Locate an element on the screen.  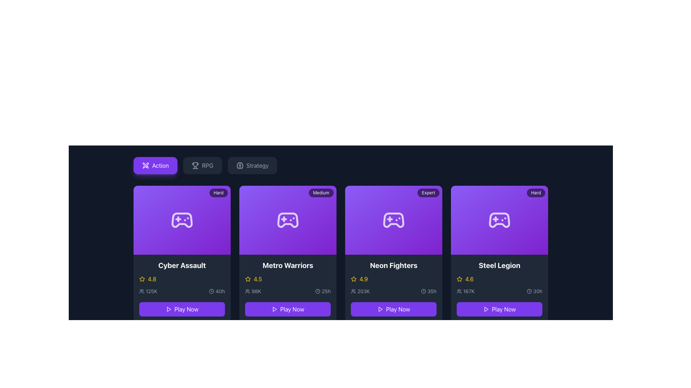
text label indicating the estimated gameplay duration for the 'Metro Warriors' game, located in the bottom section of the game card, to the right of the clock icon is located at coordinates (326, 291).